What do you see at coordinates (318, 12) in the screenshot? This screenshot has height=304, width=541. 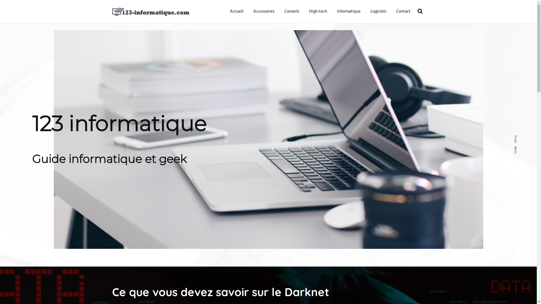 I see `'High-tech'` at bounding box center [318, 12].